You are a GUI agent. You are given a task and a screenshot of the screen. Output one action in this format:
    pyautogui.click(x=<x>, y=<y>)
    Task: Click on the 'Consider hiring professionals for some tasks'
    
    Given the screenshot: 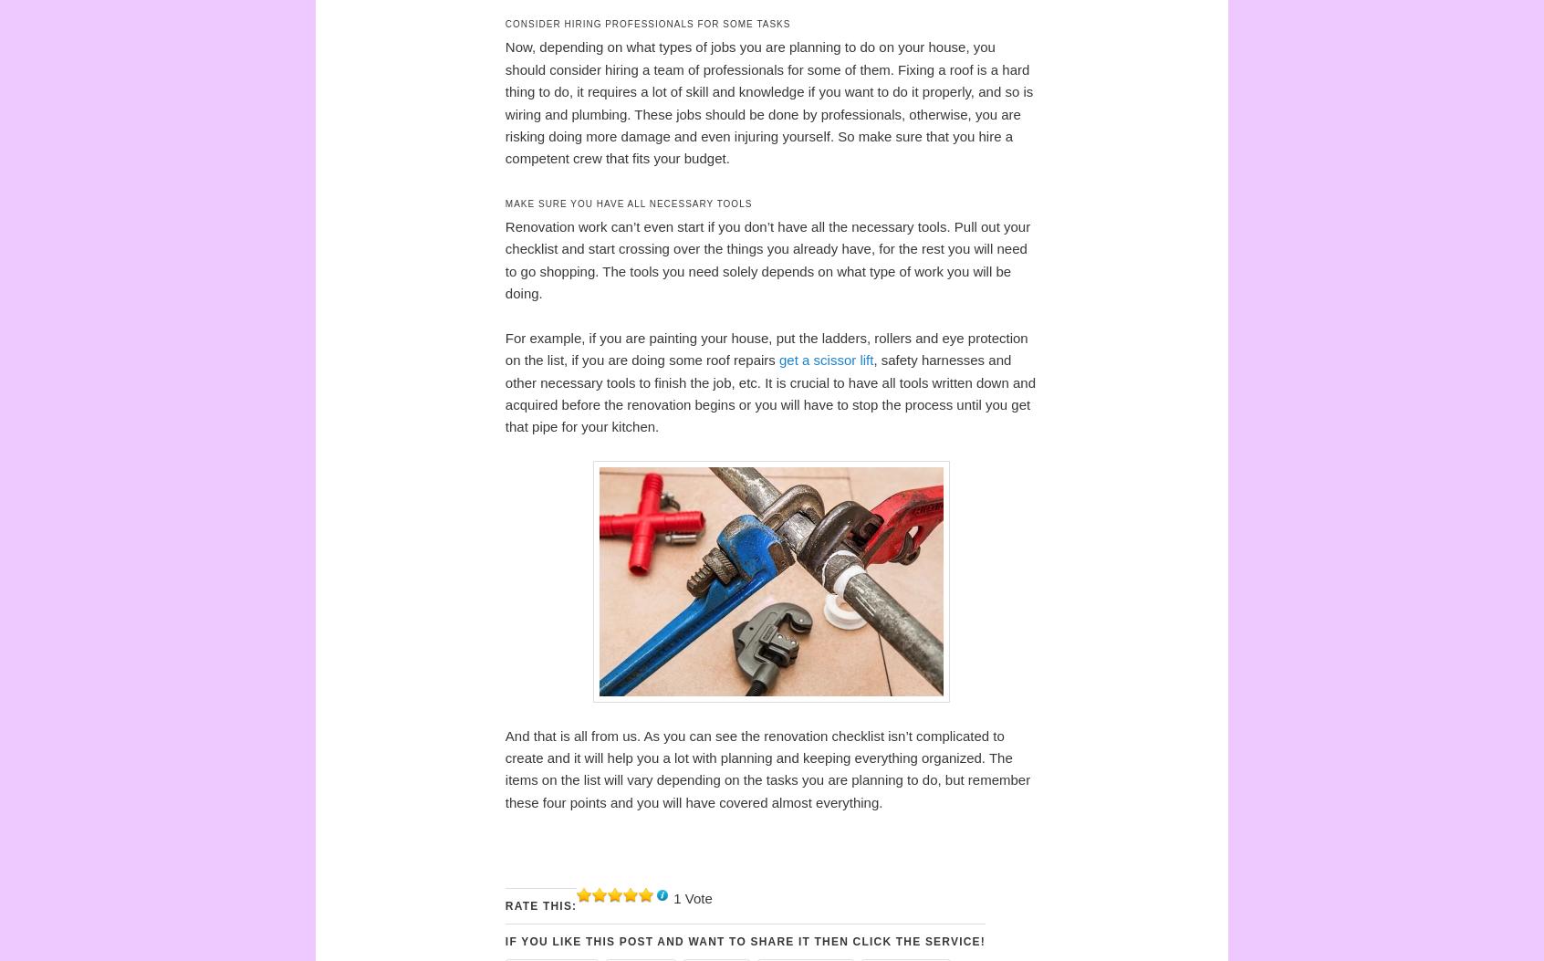 What is the action you would take?
    pyautogui.click(x=646, y=24)
    